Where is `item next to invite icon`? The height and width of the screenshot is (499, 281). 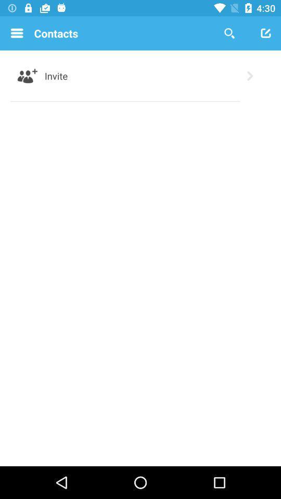 item next to invite icon is located at coordinates (28, 75).